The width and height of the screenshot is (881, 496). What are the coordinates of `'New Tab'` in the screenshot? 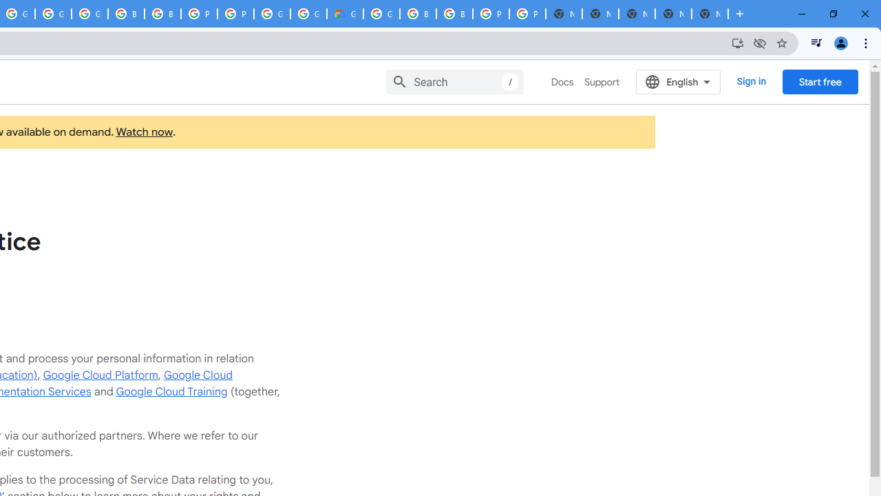 It's located at (710, 14).